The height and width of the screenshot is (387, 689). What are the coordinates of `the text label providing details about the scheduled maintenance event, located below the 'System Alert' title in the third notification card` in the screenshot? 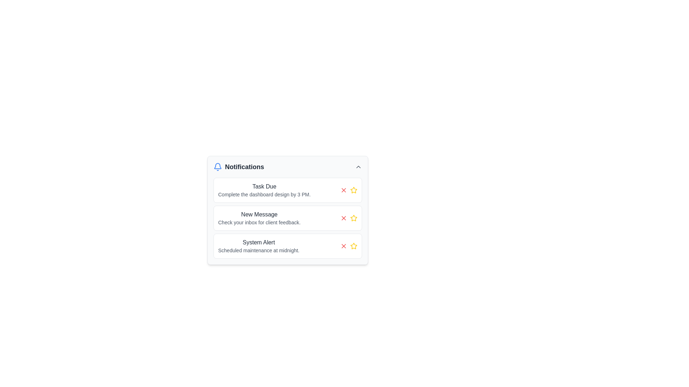 It's located at (258, 250).